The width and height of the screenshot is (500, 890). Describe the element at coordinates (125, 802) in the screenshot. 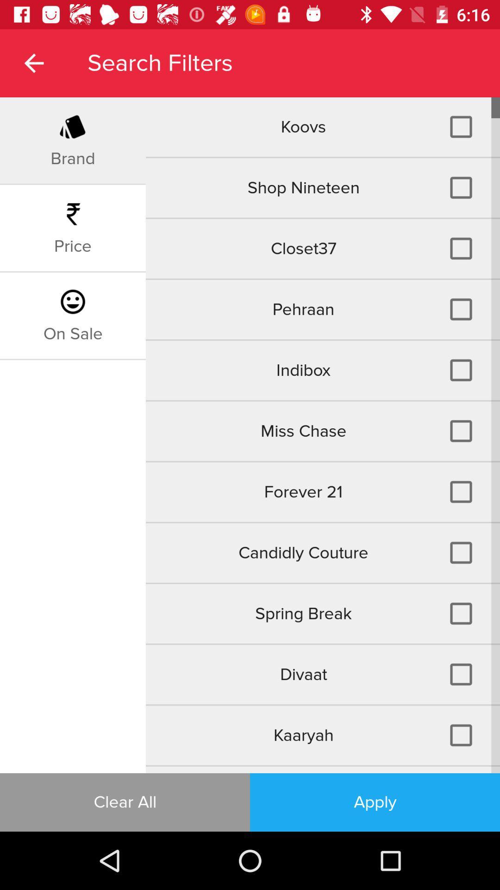

I see `the clear all item` at that location.